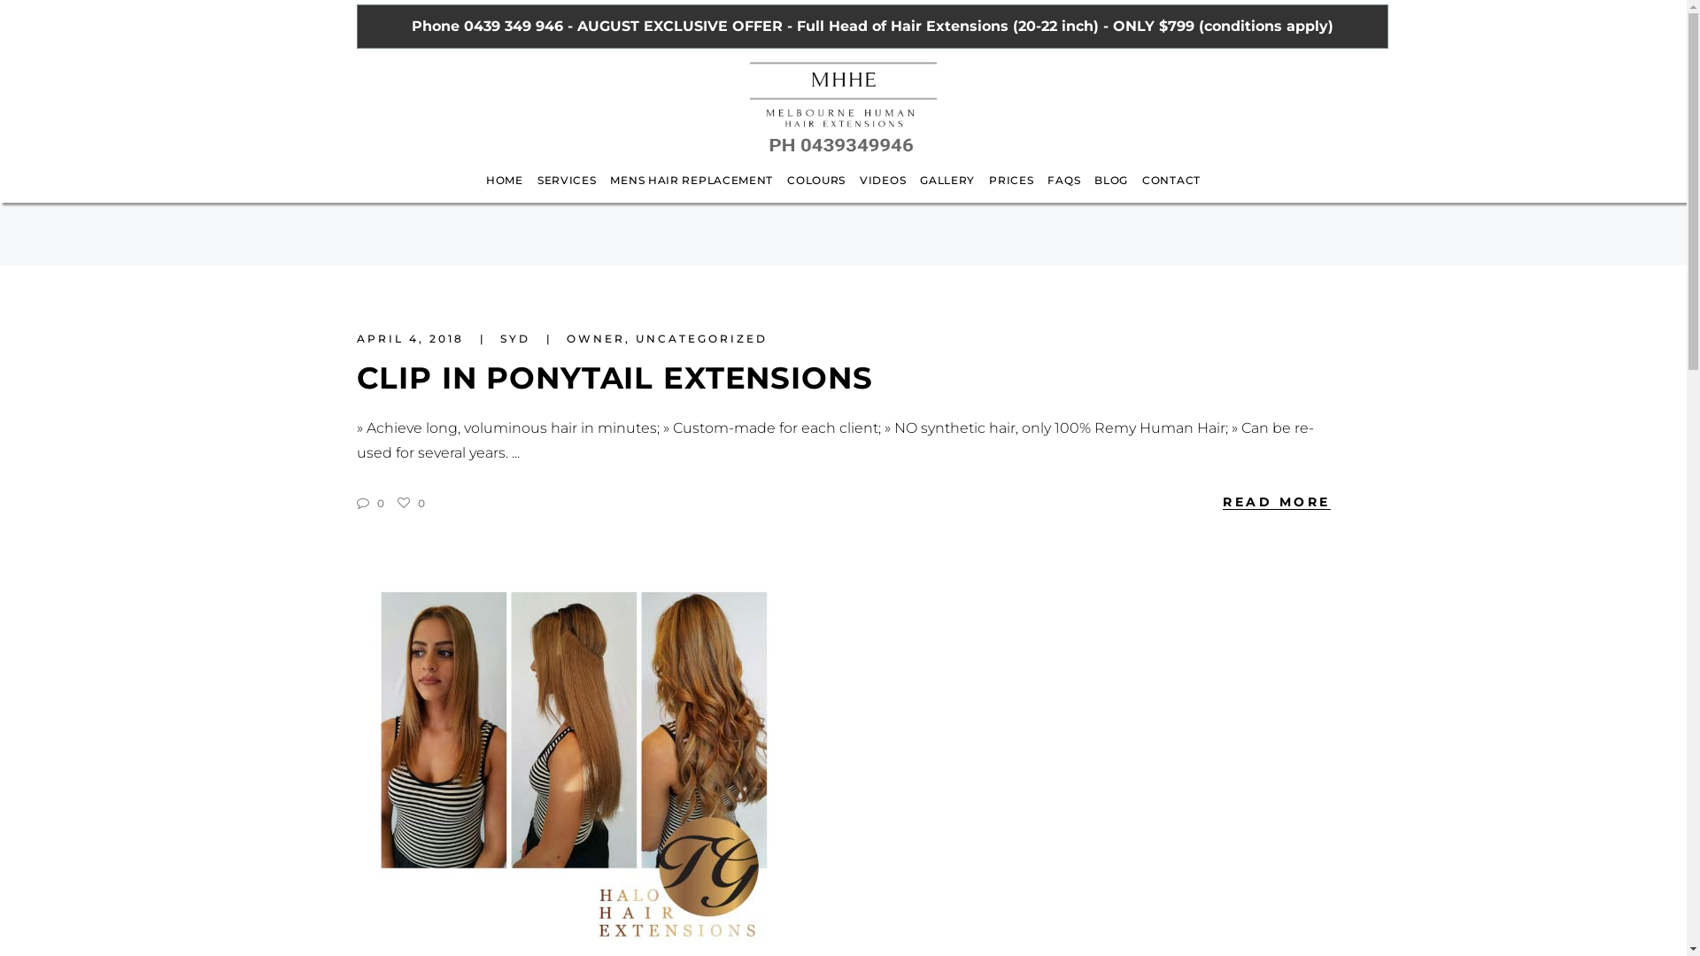 The width and height of the screenshot is (1700, 956). Describe the element at coordinates (409, 503) in the screenshot. I see `'0'` at that location.